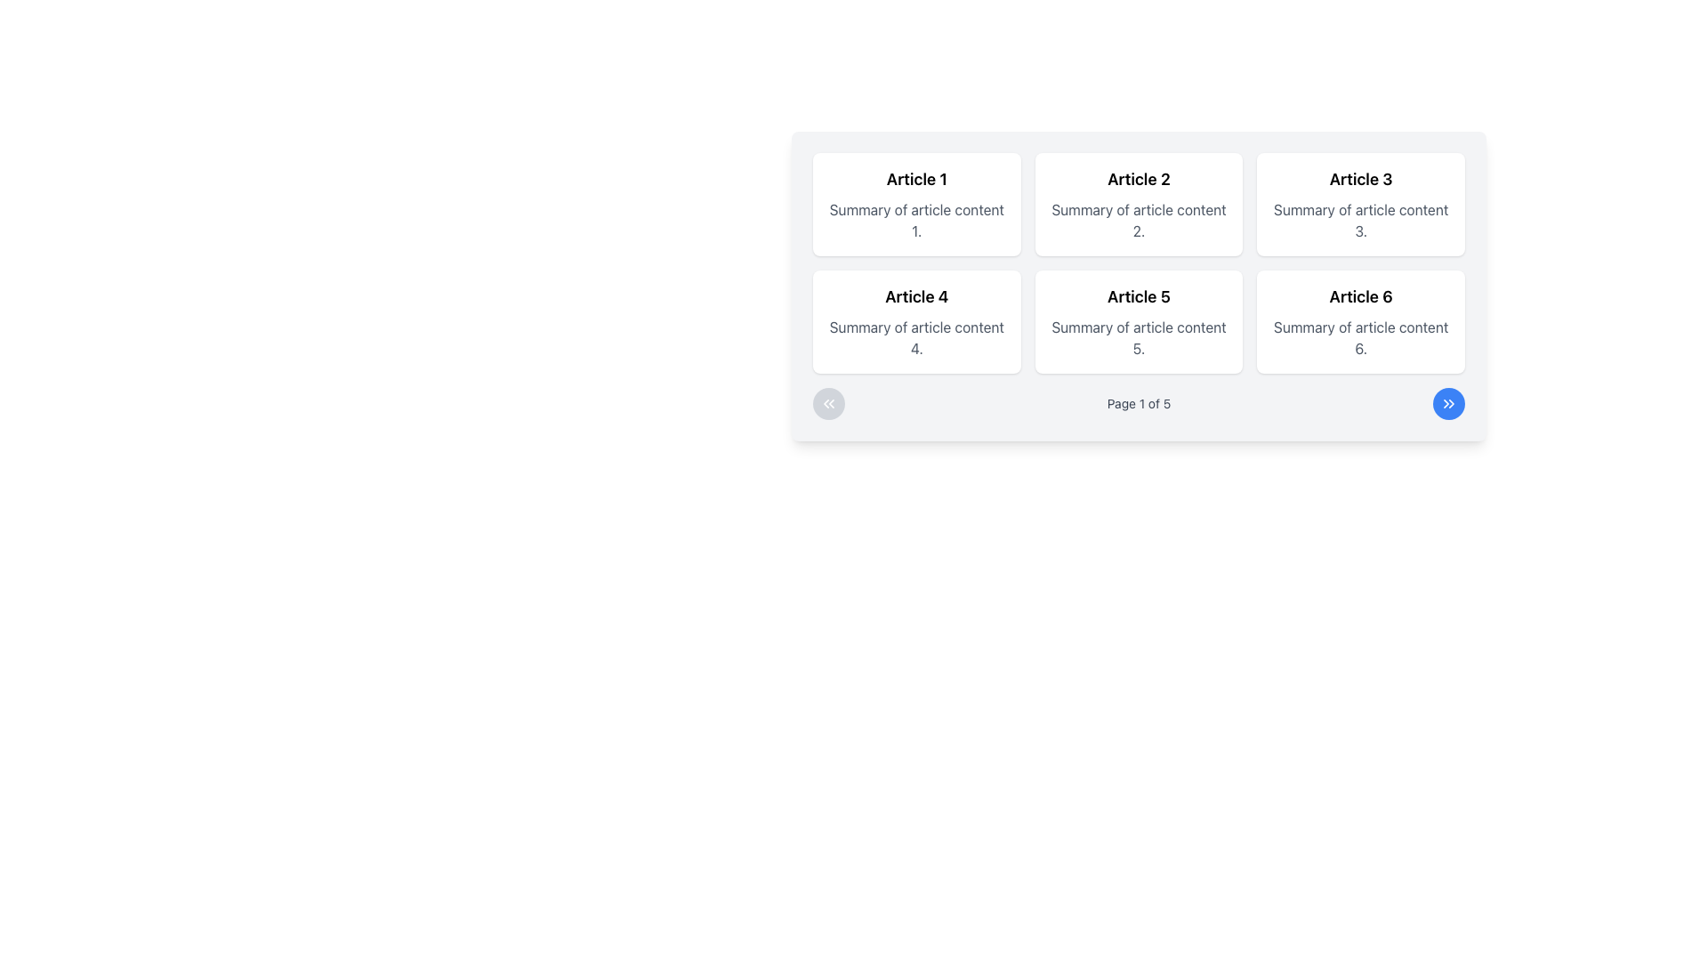  Describe the element at coordinates (1360, 179) in the screenshot. I see `the title text of the third grid item in the top row of the article card, which serves as the heading to identify the section's content` at that location.